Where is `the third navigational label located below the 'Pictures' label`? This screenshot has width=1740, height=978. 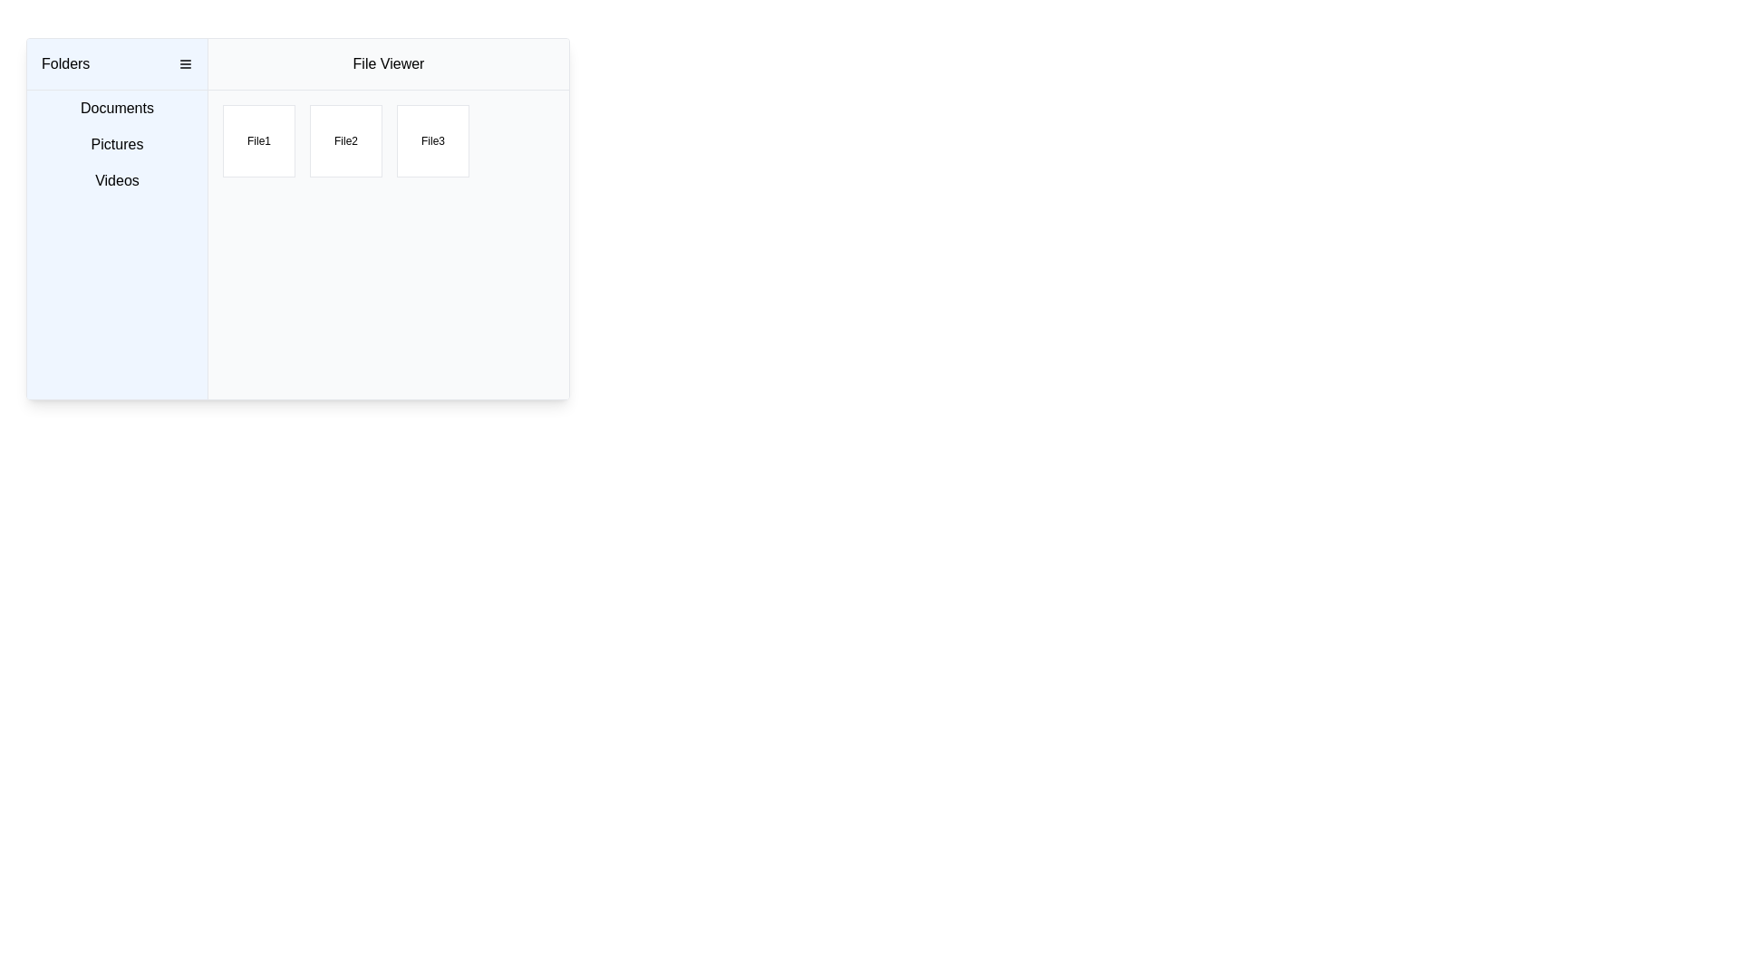
the third navigational label located below the 'Pictures' label is located at coordinates (116, 181).